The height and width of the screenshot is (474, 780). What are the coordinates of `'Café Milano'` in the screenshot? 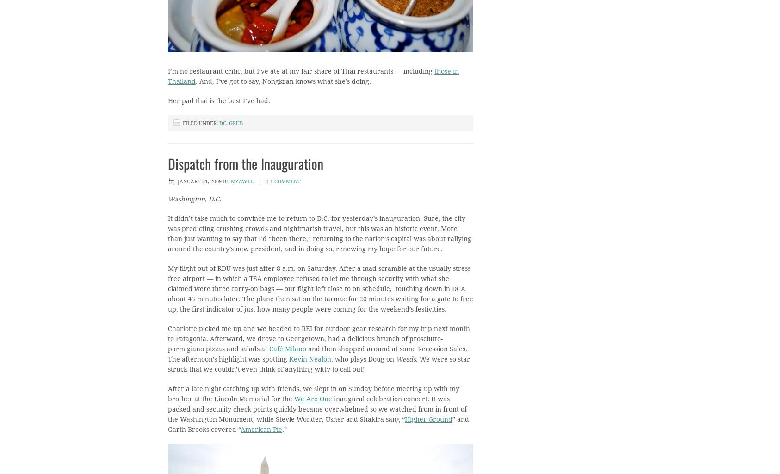 It's located at (287, 348).